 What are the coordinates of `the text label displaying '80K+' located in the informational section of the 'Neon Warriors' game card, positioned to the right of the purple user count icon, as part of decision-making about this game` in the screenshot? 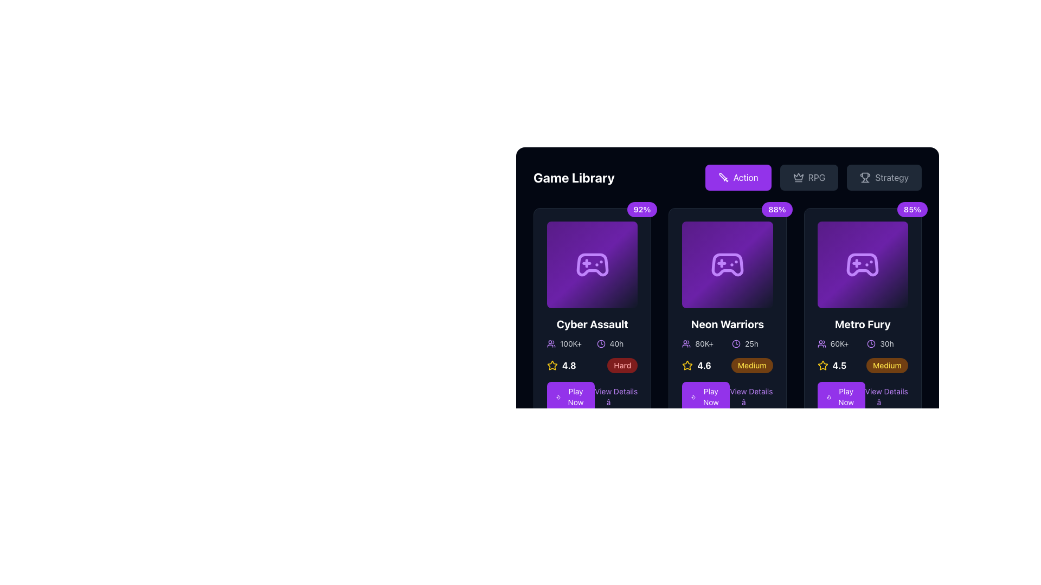 It's located at (704, 344).